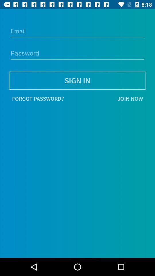  What do you see at coordinates (38, 99) in the screenshot?
I see `forgot password? on the left` at bounding box center [38, 99].